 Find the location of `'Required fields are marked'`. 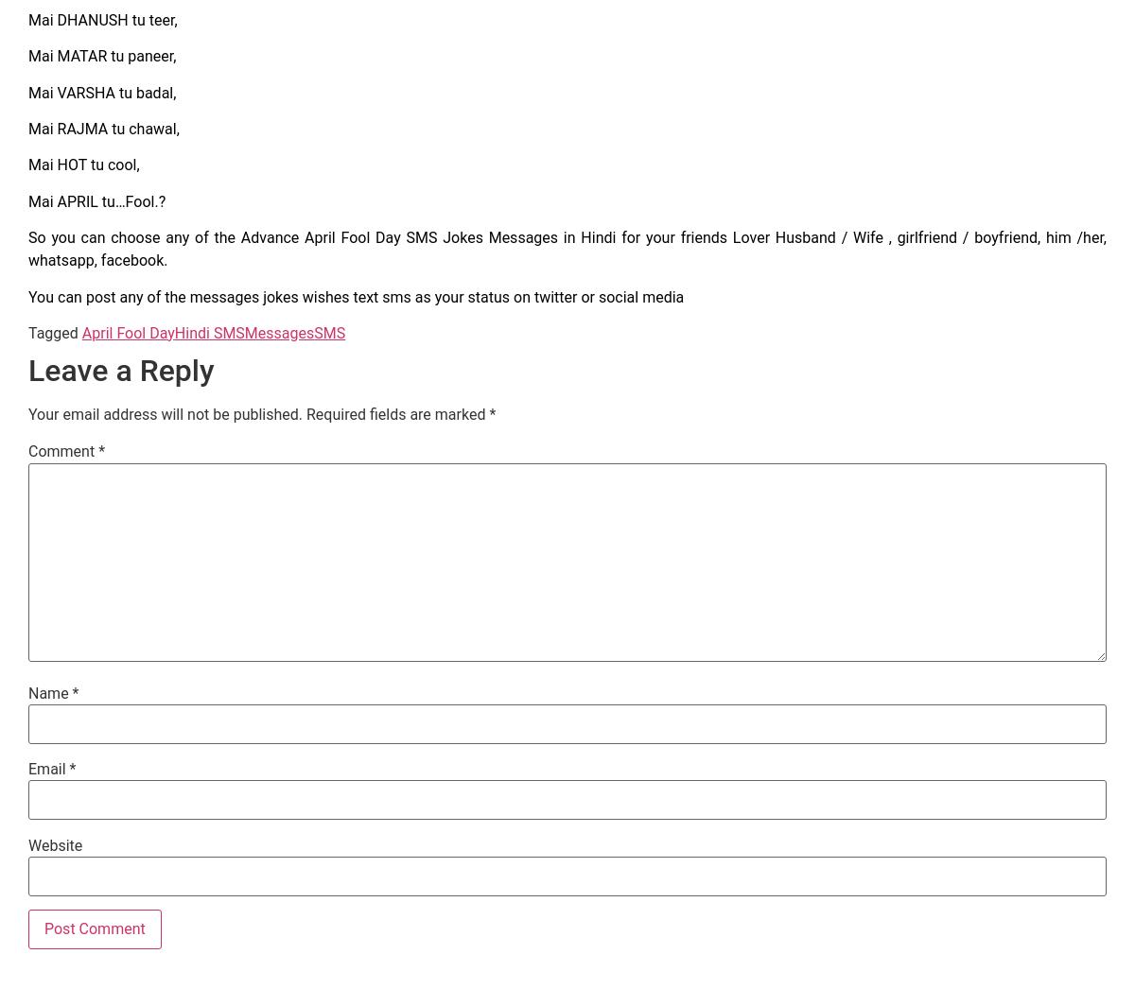

'Required fields are marked' is located at coordinates (397, 413).